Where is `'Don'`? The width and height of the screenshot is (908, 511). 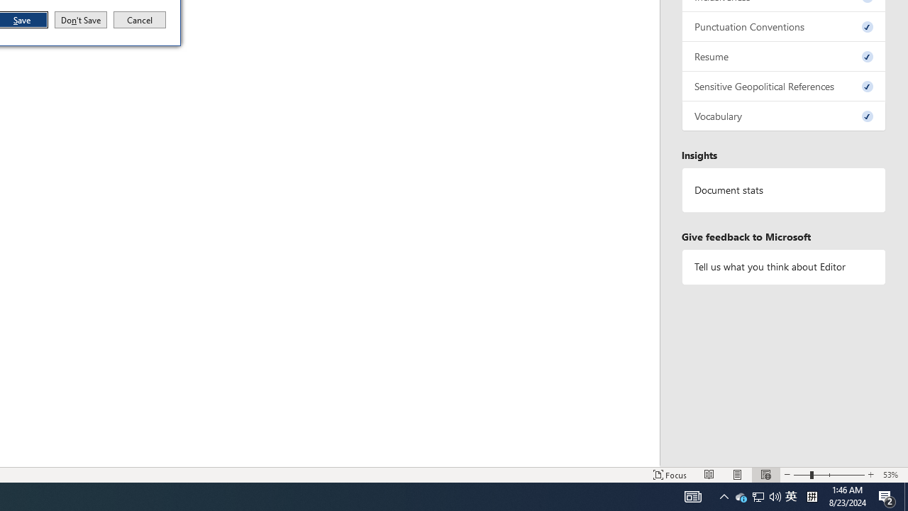
'Don' is located at coordinates (79, 20).